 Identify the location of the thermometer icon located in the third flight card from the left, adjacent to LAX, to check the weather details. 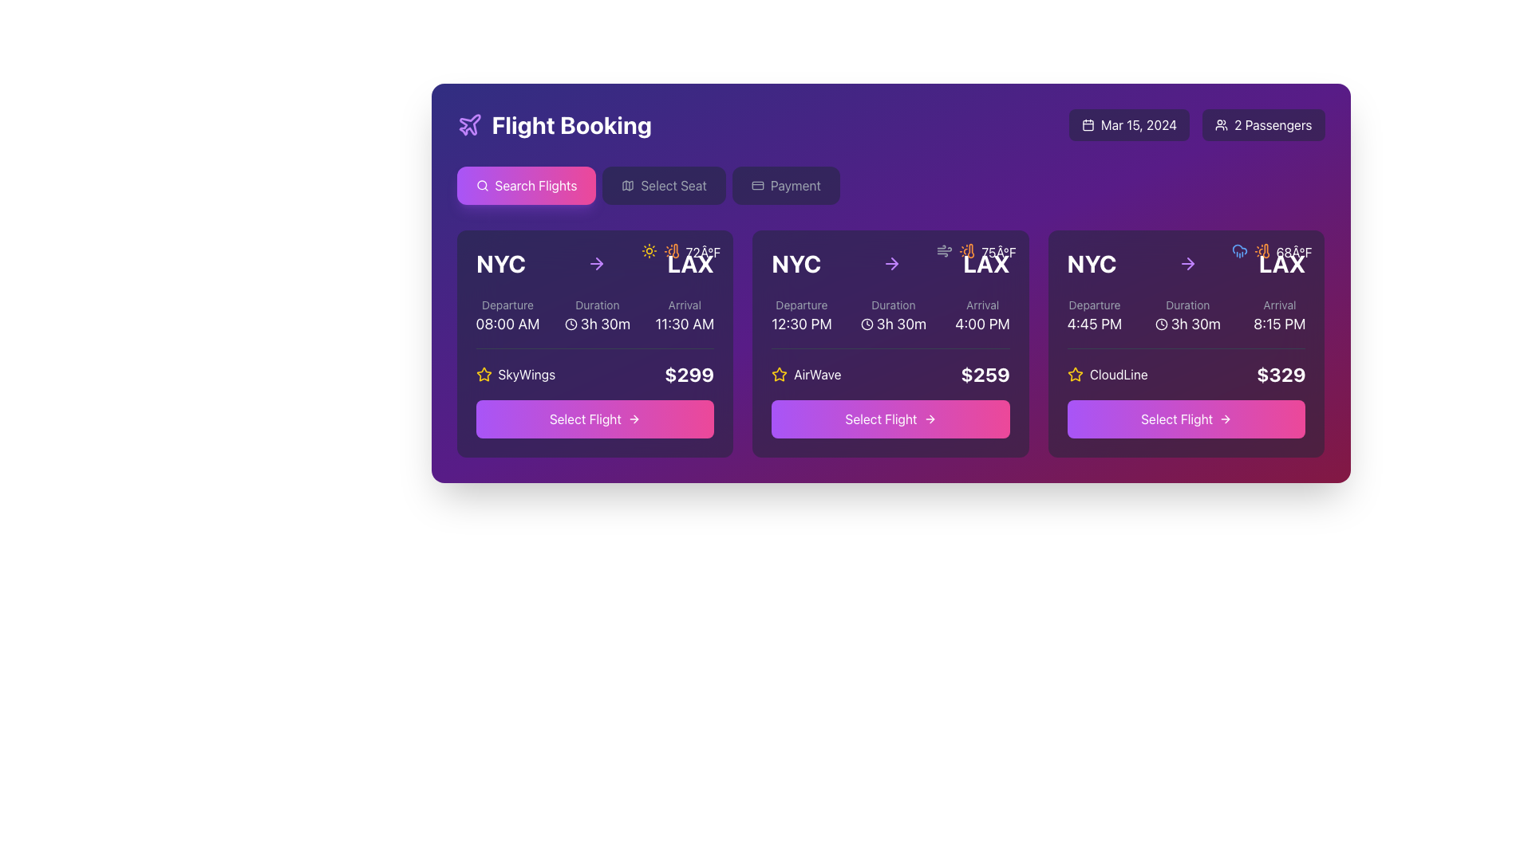
(1265, 251).